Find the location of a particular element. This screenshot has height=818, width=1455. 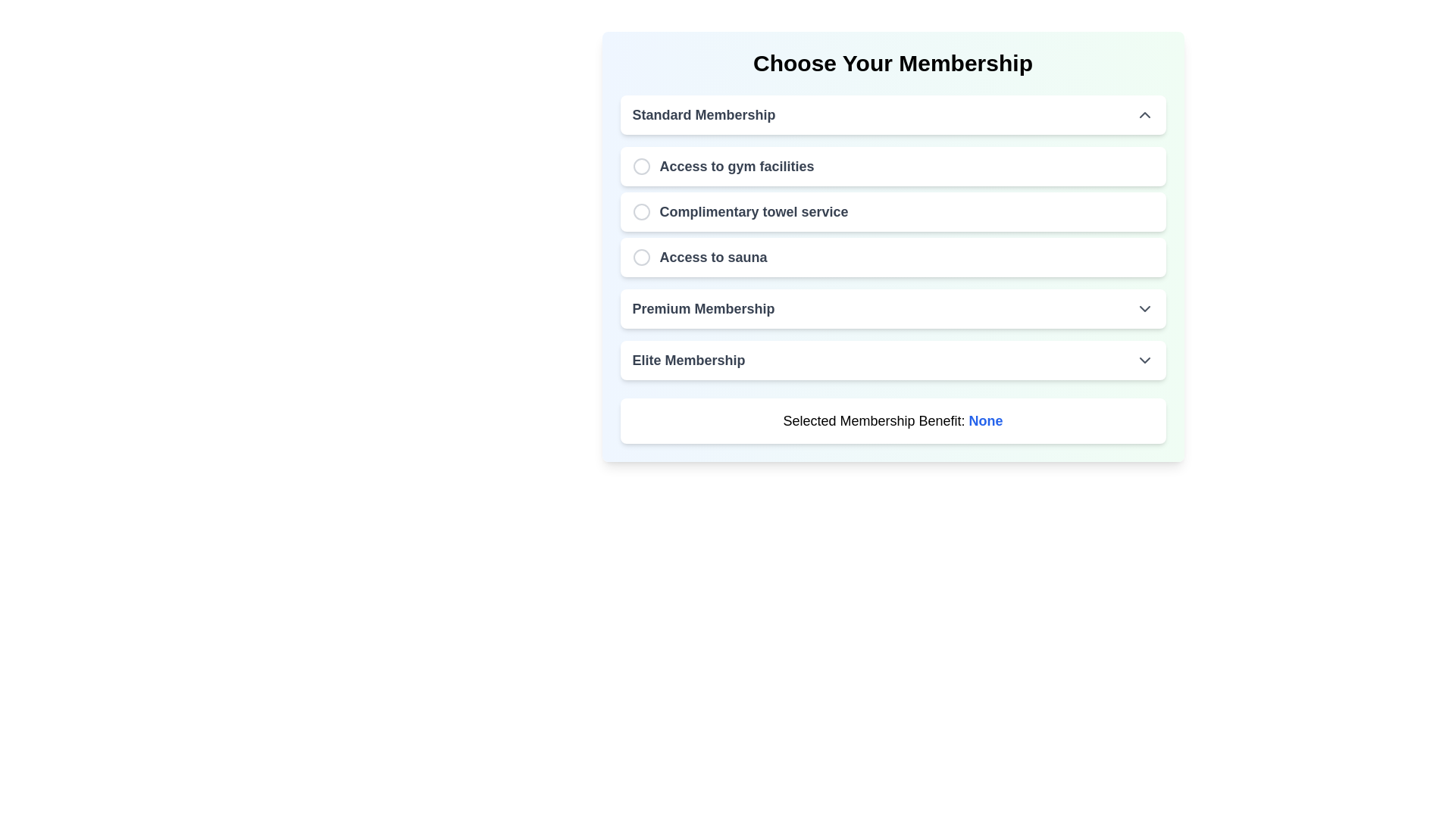

the text label indicating the current selection for the membership benefit, which displays 'None' is located at coordinates (985, 420).